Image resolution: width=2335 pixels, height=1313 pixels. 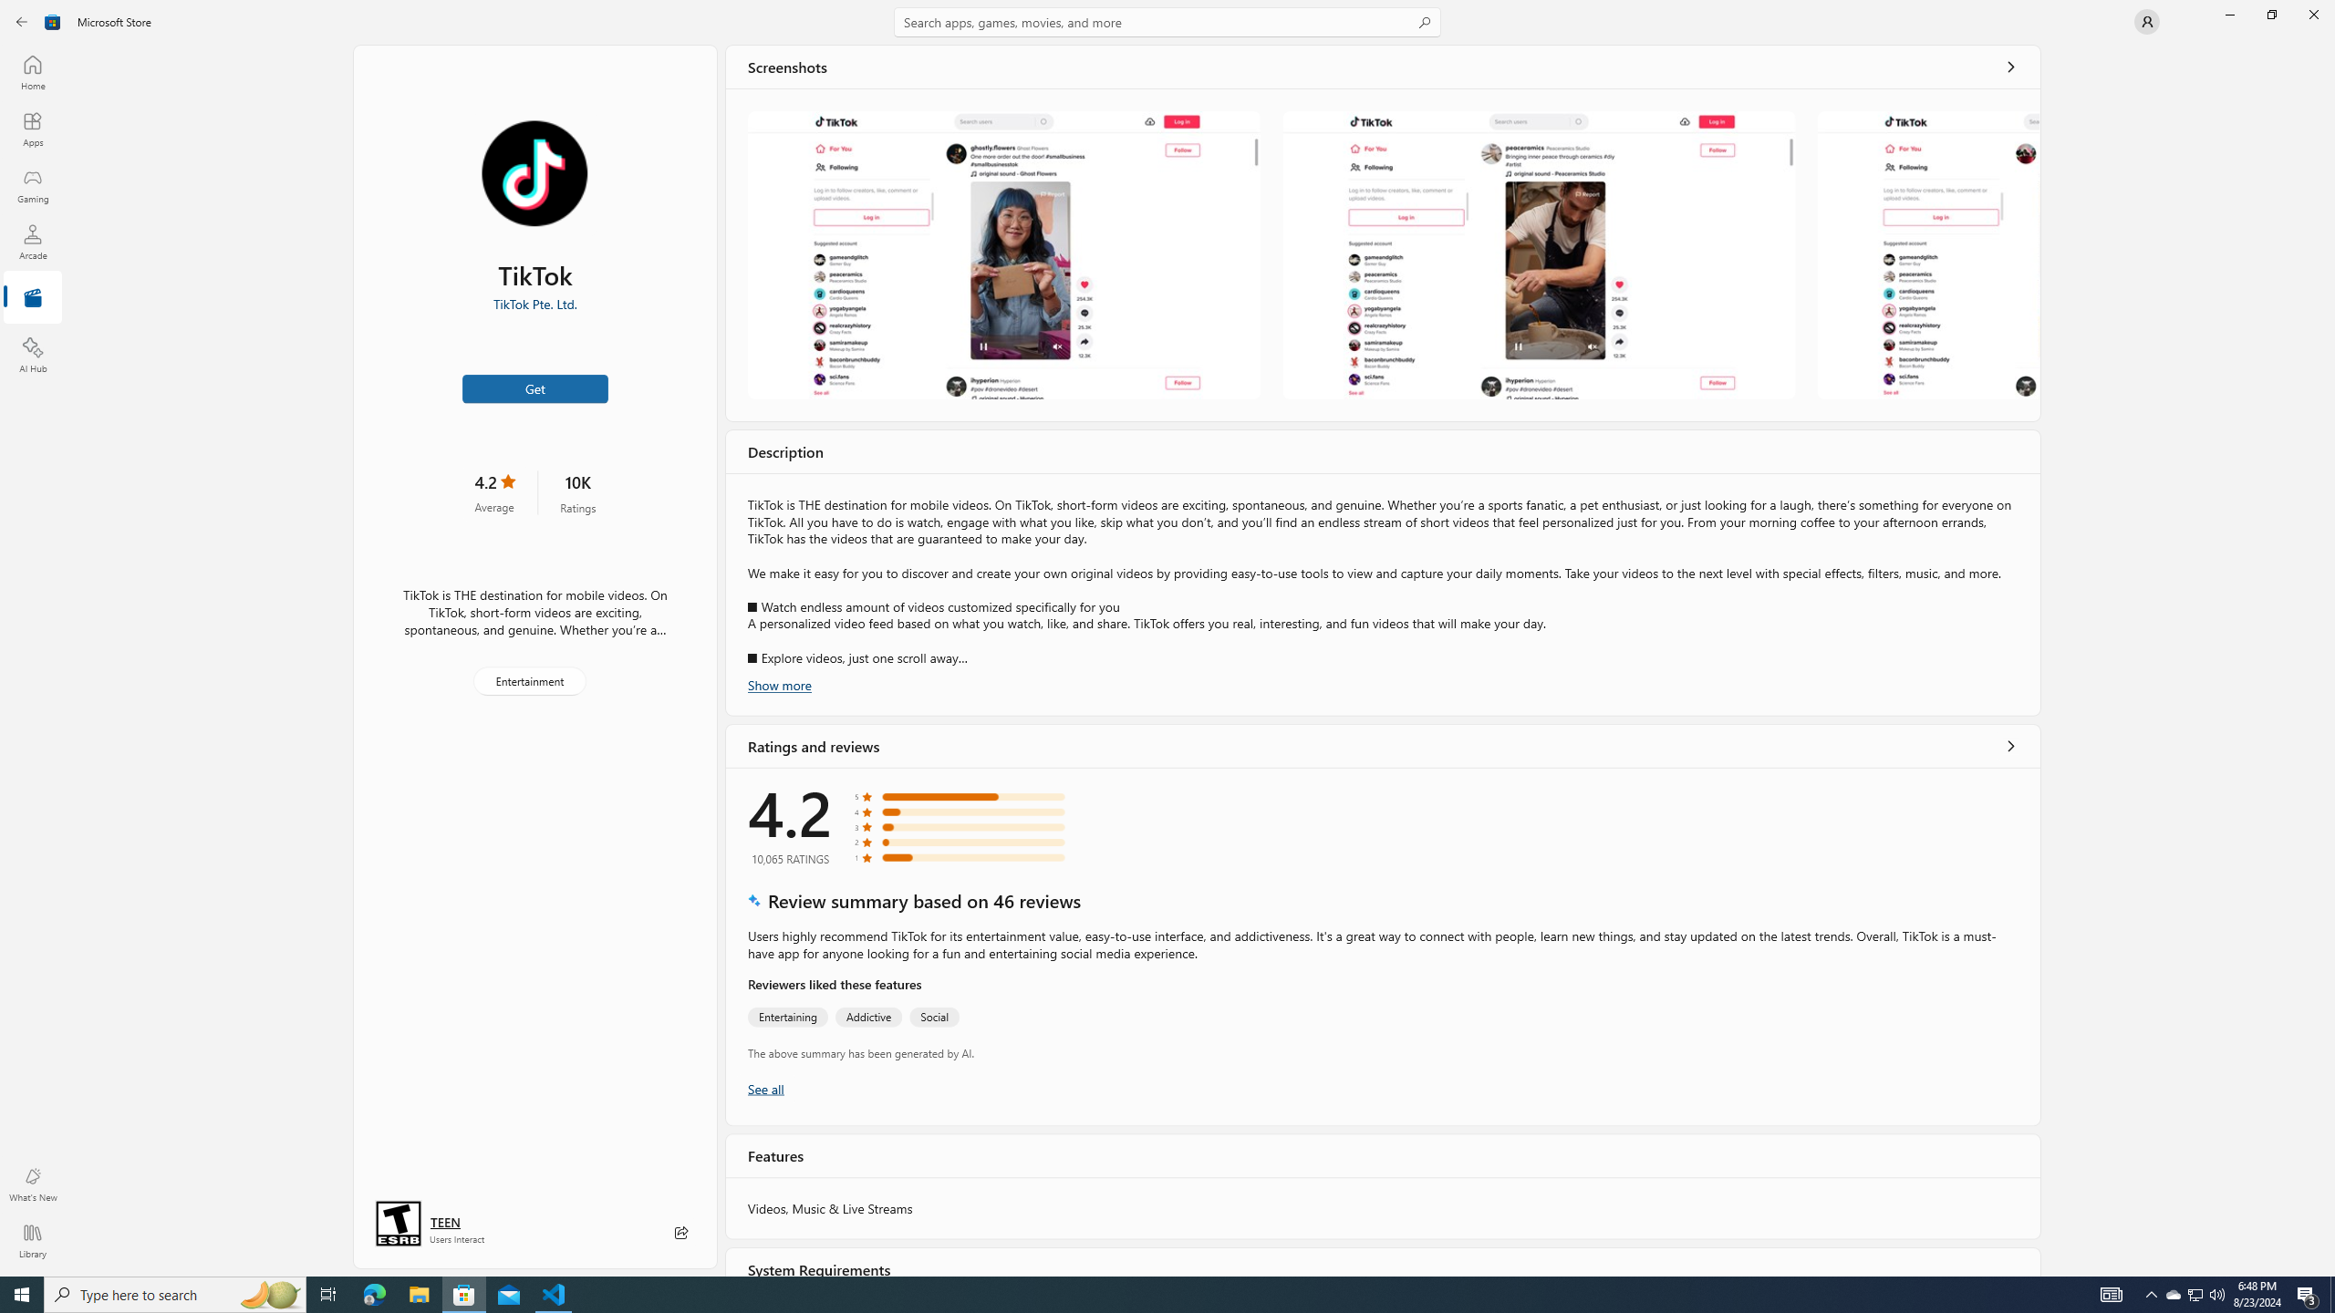 I want to click on 'Share', so click(x=680, y=1232).